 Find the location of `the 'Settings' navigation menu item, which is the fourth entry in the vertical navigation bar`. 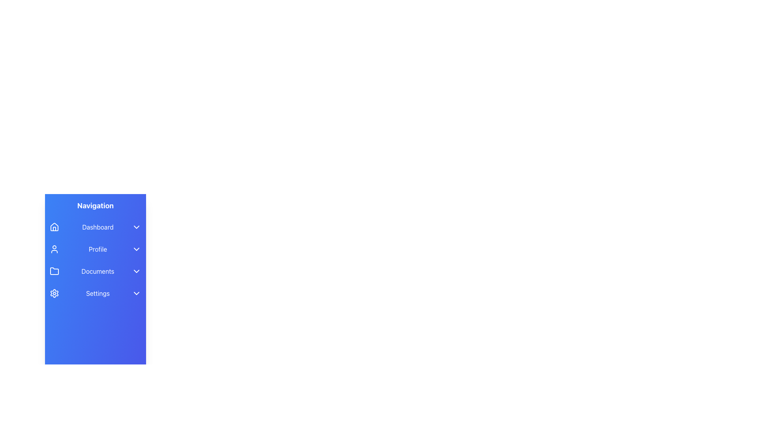

the 'Settings' navigation menu item, which is the fourth entry in the vertical navigation bar is located at coordinates (95, 293).